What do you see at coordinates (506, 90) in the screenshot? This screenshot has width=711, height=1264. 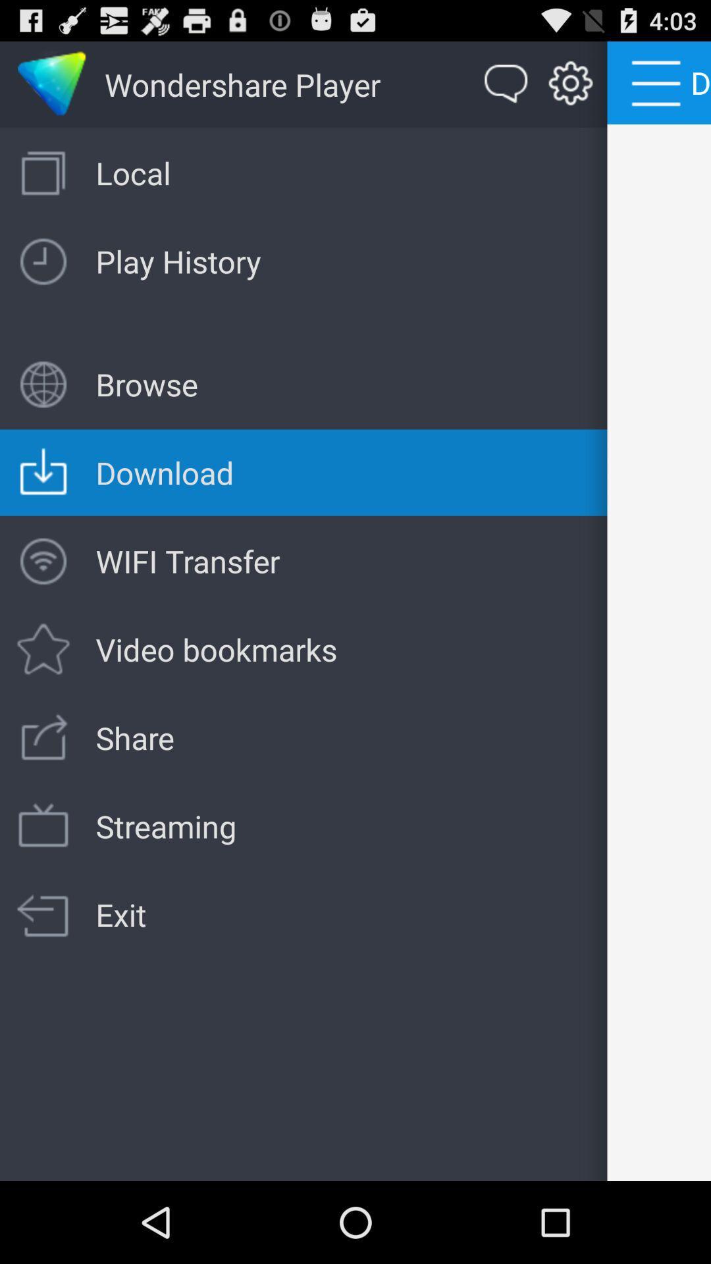 I see `the chat icon` at bounding box center [506, 90].